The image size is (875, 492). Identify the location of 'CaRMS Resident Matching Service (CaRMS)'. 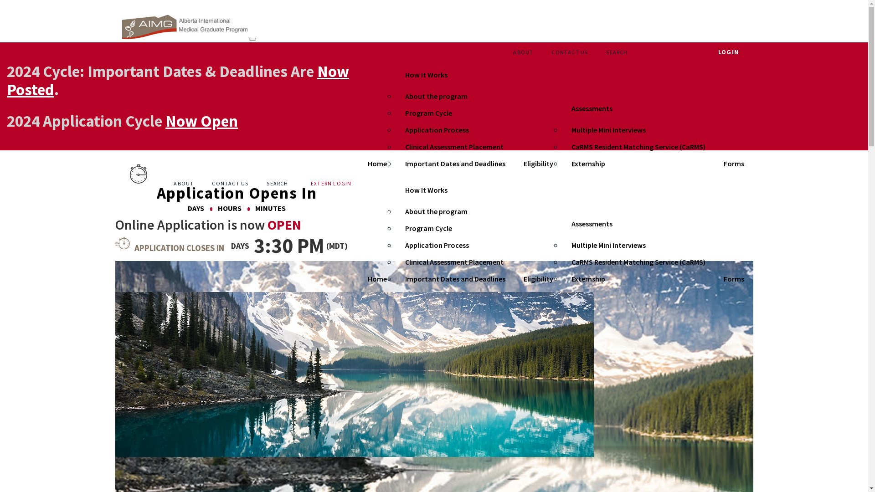
(638, 146).